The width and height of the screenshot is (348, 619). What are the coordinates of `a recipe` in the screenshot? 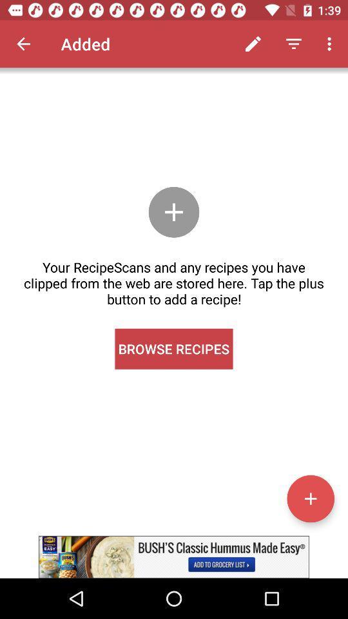 It's located at (310, 498).